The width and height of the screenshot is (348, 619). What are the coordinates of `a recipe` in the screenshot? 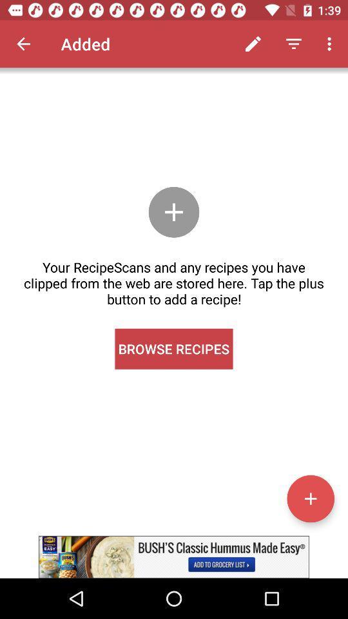 It's located at (310, 498).